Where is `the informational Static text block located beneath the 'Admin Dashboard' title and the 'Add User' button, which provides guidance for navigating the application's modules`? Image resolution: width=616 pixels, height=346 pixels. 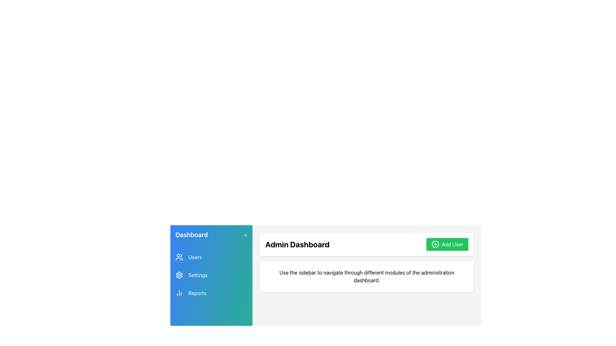 the informational Static text block located beneath the 'Admin Dashboard' title and the 'Add User' button, which provides guidance for navigating the application's modules is located at coordinates (367, 276).